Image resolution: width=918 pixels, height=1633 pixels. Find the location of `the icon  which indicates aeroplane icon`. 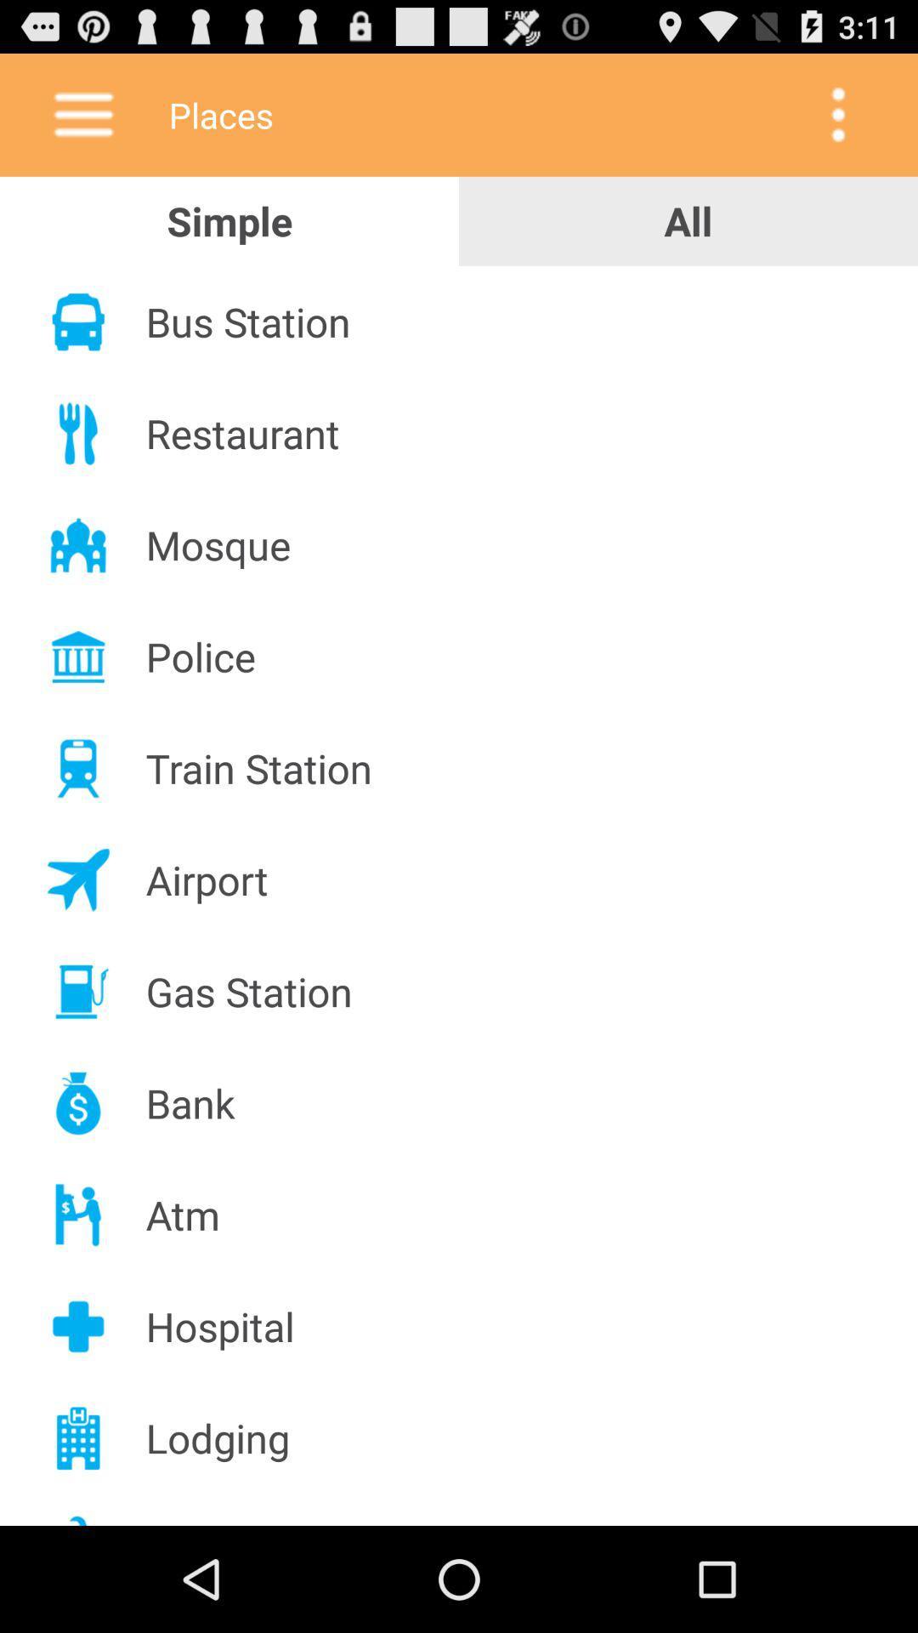

the icon  which indicates aeroplane icon is located at coordinates (78, 880).